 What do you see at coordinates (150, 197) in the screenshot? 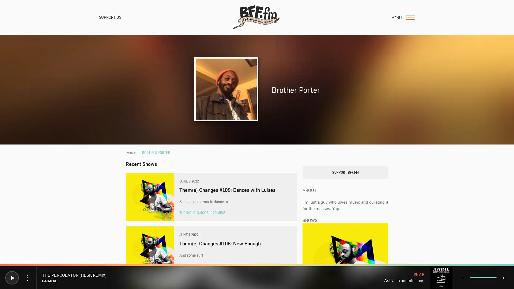
I see `Play` at bounding box center [150, 197].